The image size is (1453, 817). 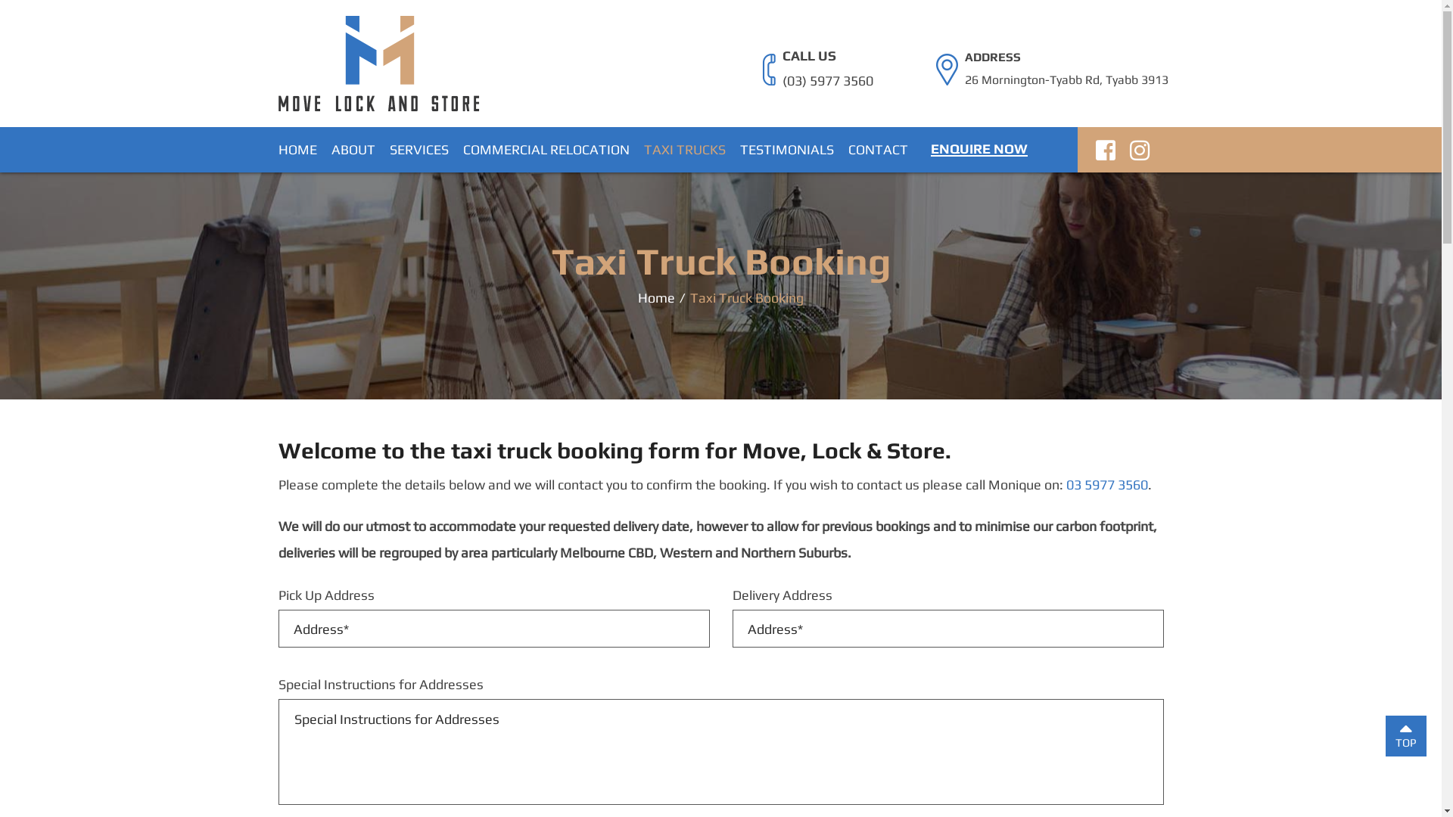 What do you see at coordinates (1106, 484) in the screenshot?
I see `'03 5977 3560'` at bounding box center [1106, 484].